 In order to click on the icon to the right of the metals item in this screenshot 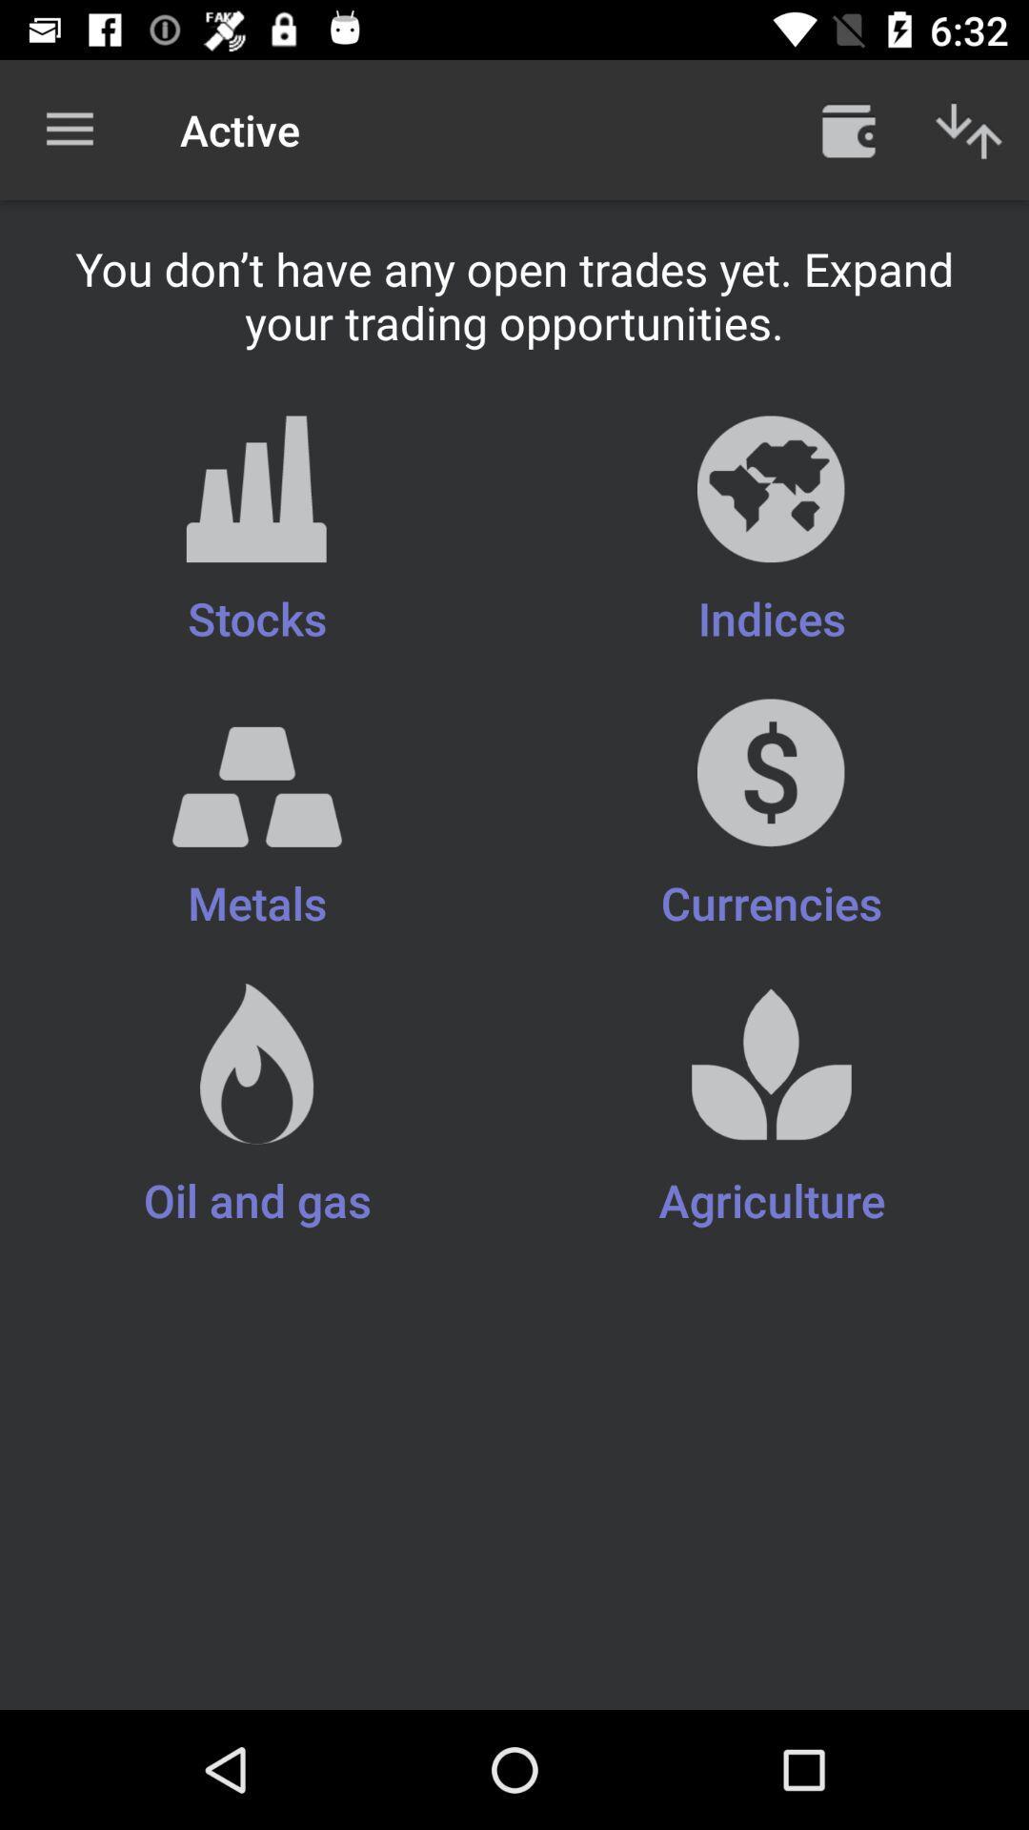, I will do `click(772, 1108)`.